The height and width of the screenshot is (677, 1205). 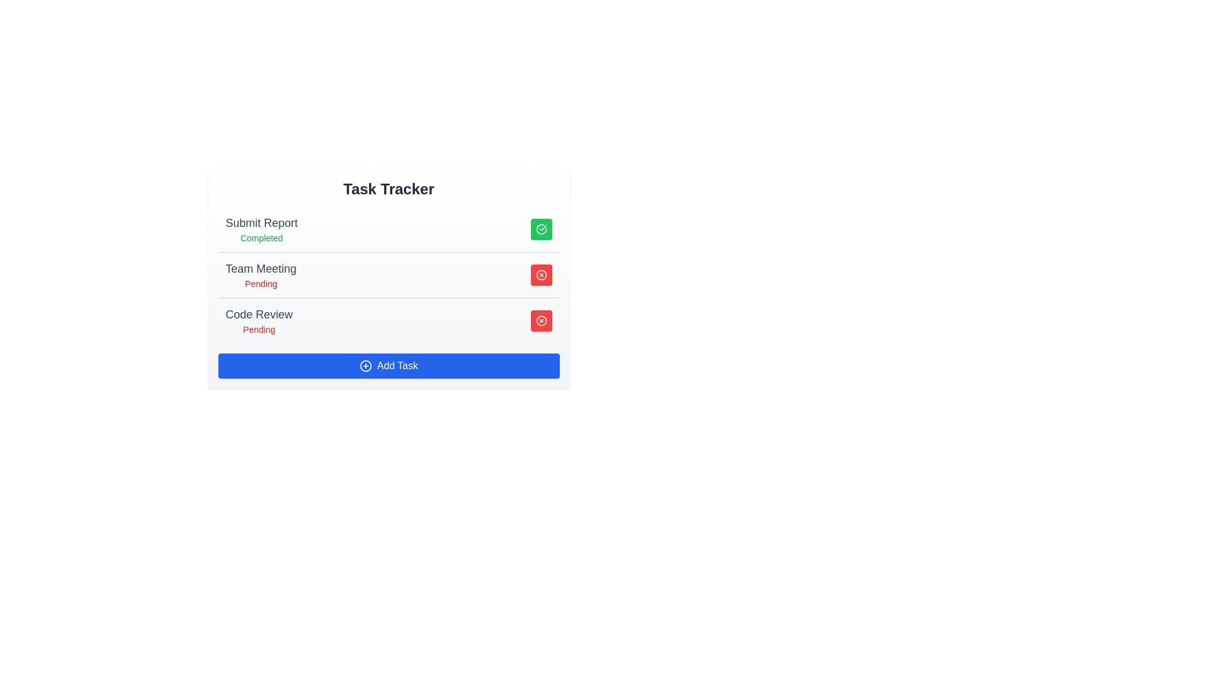 What do you see at coordinates (541, 275) in the screenshot?
I see `the decorative cancel icon (circle within an SVG graphic) in the last row entry labeled 'Code Review' in the task list` at bounding box center [541, 275].